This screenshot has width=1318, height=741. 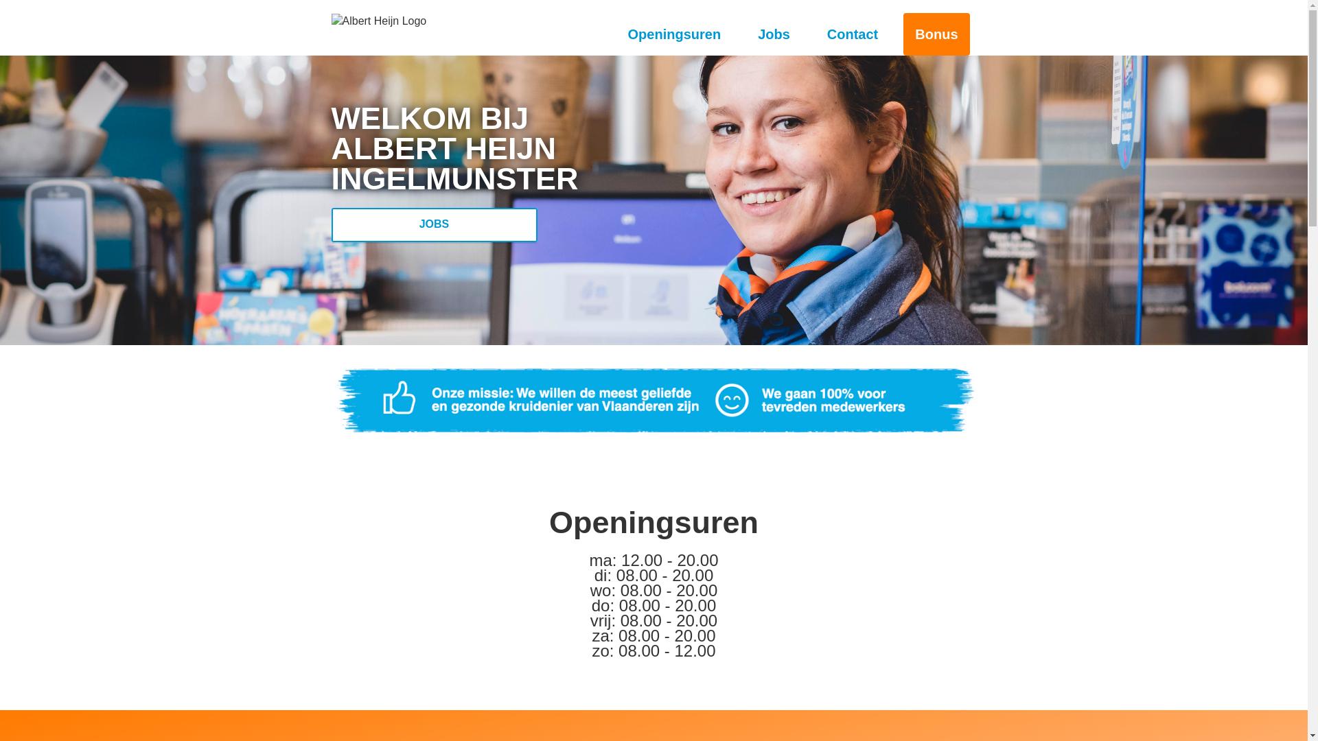 What do you see at coordinates (935, 34) in the screenshot?
I see `'Bonus'` at bounding box center [935, 34].